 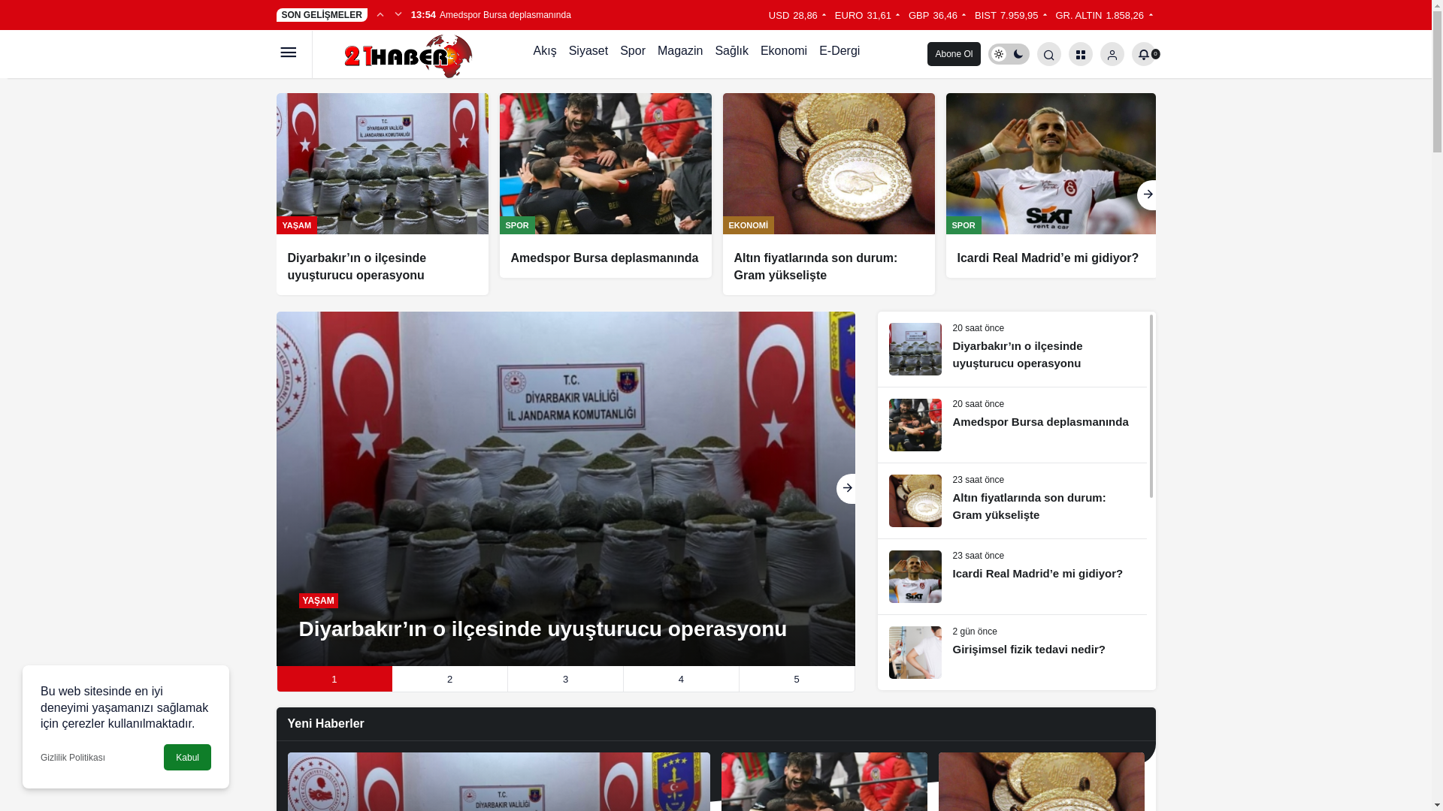 I want to click on '1', so click(x=333, y=679).